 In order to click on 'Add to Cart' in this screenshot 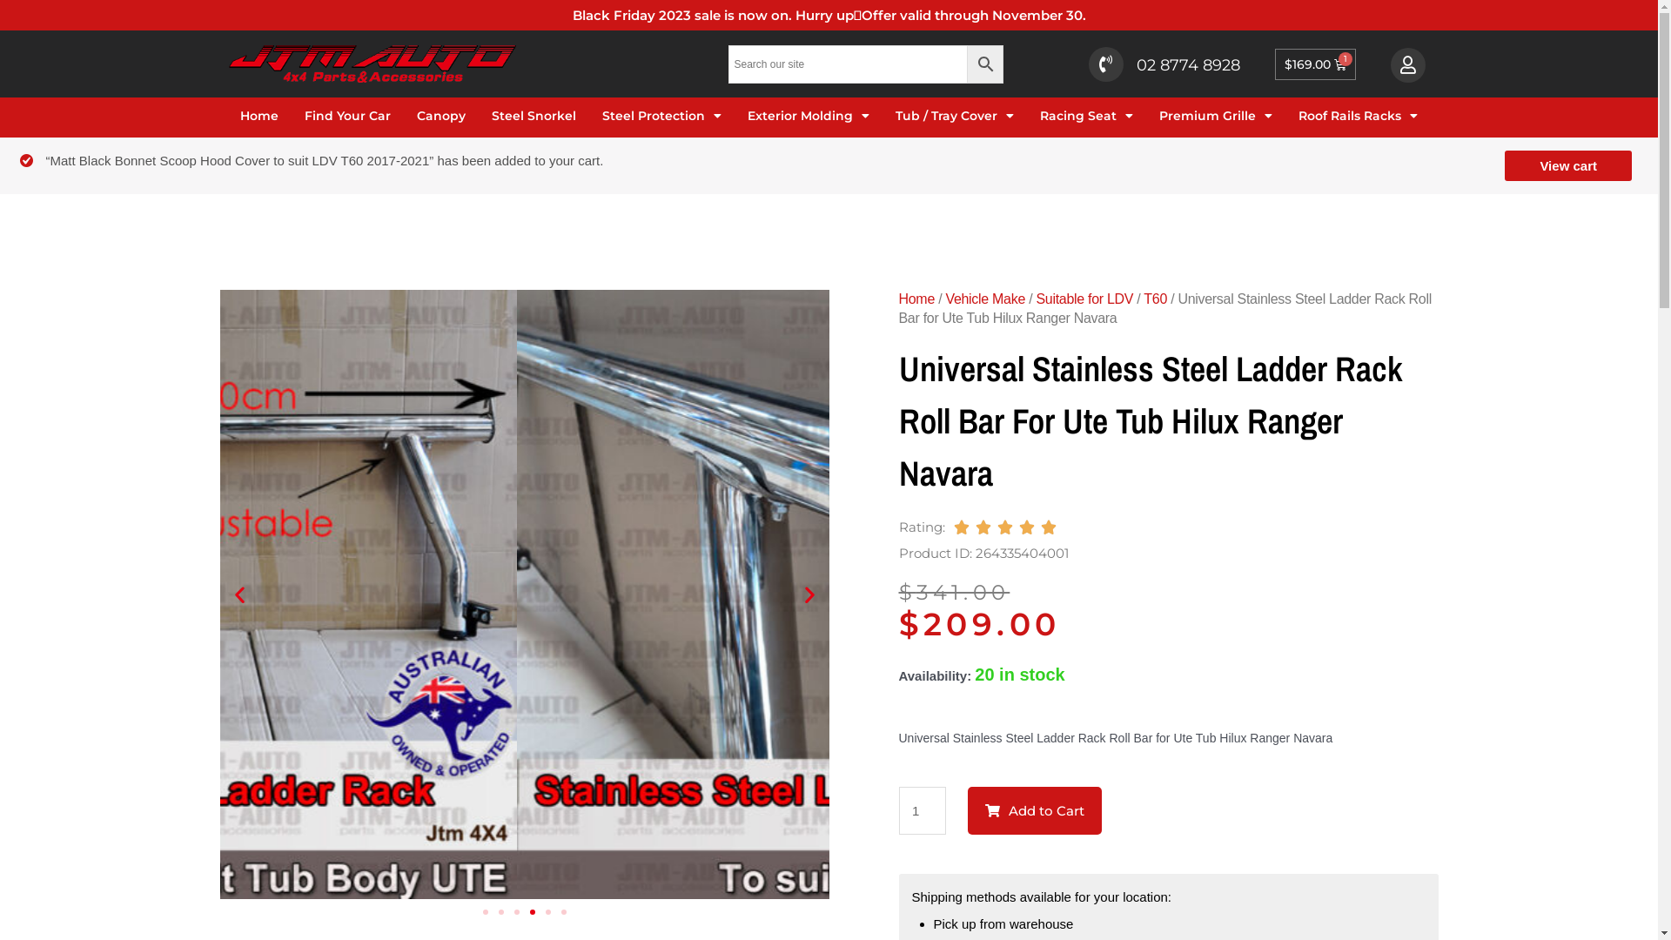, I will do `click(1035, 810)`.